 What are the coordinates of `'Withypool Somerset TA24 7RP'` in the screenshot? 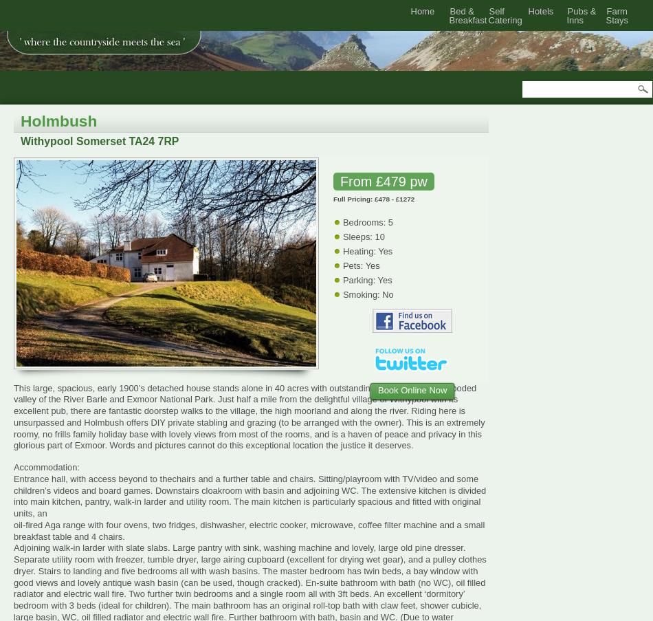 It's located at (99, 140).